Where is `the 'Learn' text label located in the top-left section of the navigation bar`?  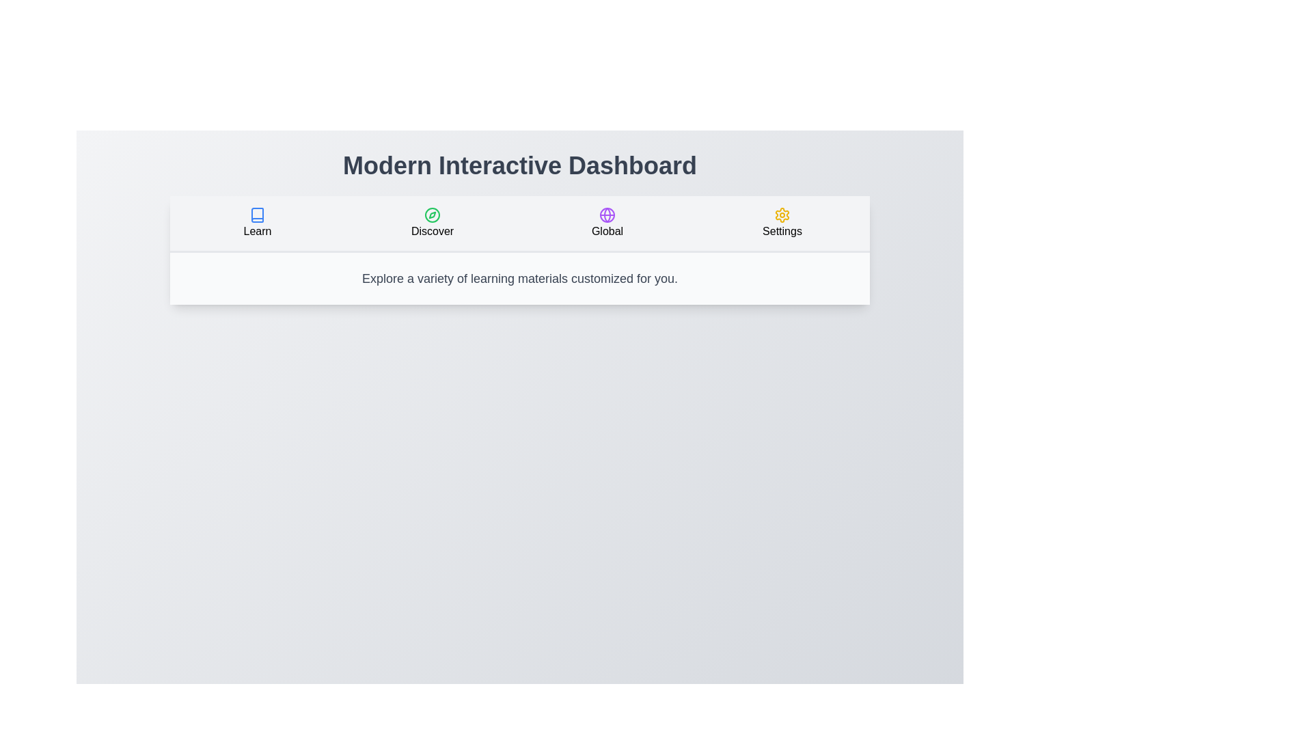 the 'Learn' text label located in the top-left section of the navigation bar is located at coordinates (257, 231).